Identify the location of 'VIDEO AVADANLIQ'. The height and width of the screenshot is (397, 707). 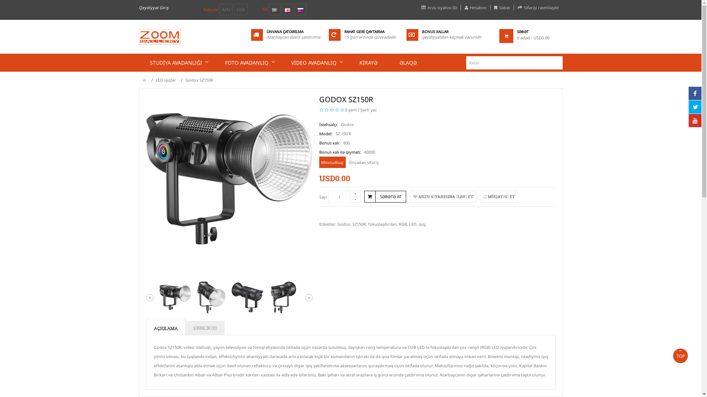
(314, 62).